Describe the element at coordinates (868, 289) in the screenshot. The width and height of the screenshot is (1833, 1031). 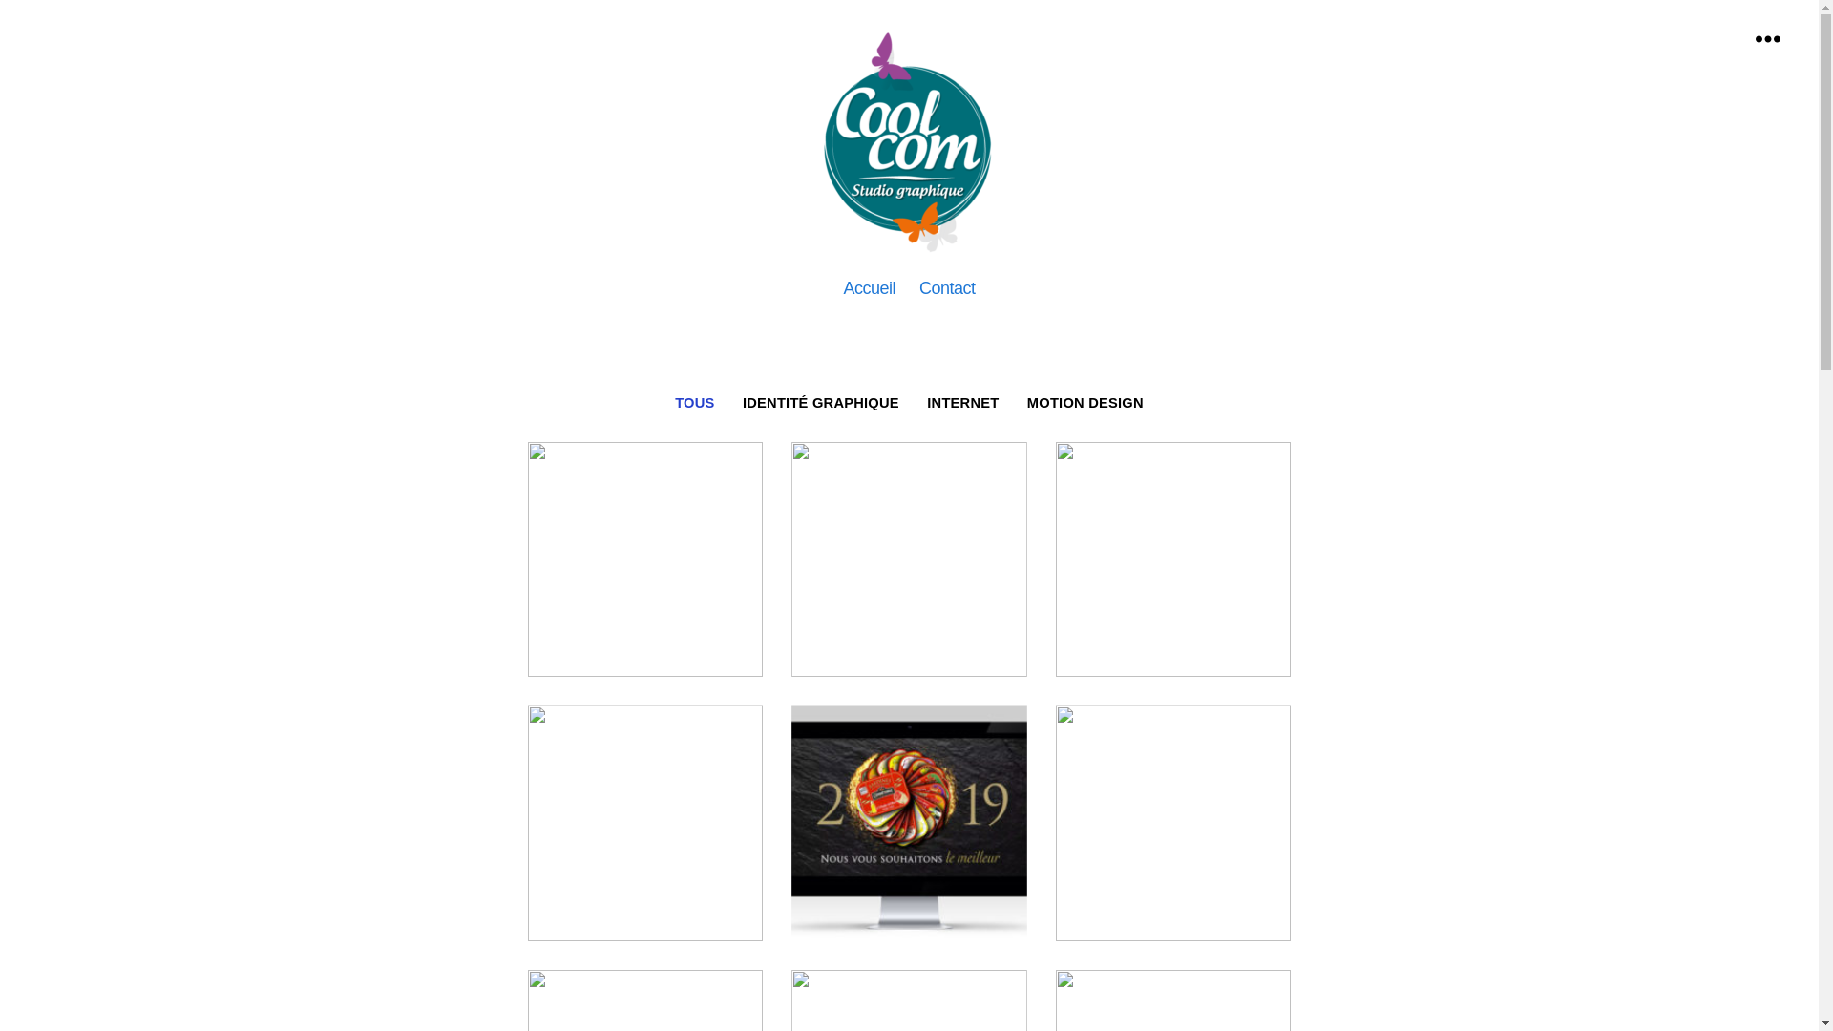
I see `'Accueil'` at that location.